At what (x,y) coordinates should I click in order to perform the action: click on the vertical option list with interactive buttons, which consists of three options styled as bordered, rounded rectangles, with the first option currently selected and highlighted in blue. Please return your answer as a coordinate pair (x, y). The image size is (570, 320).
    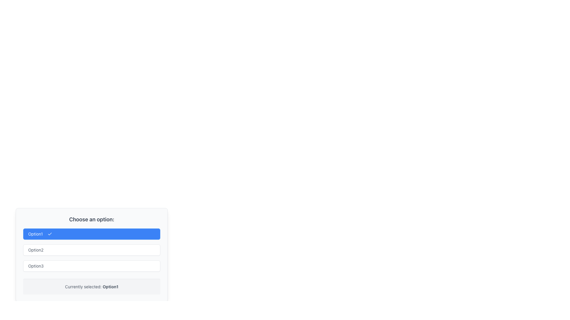
    Looking at the image, I should click on (91, 250).